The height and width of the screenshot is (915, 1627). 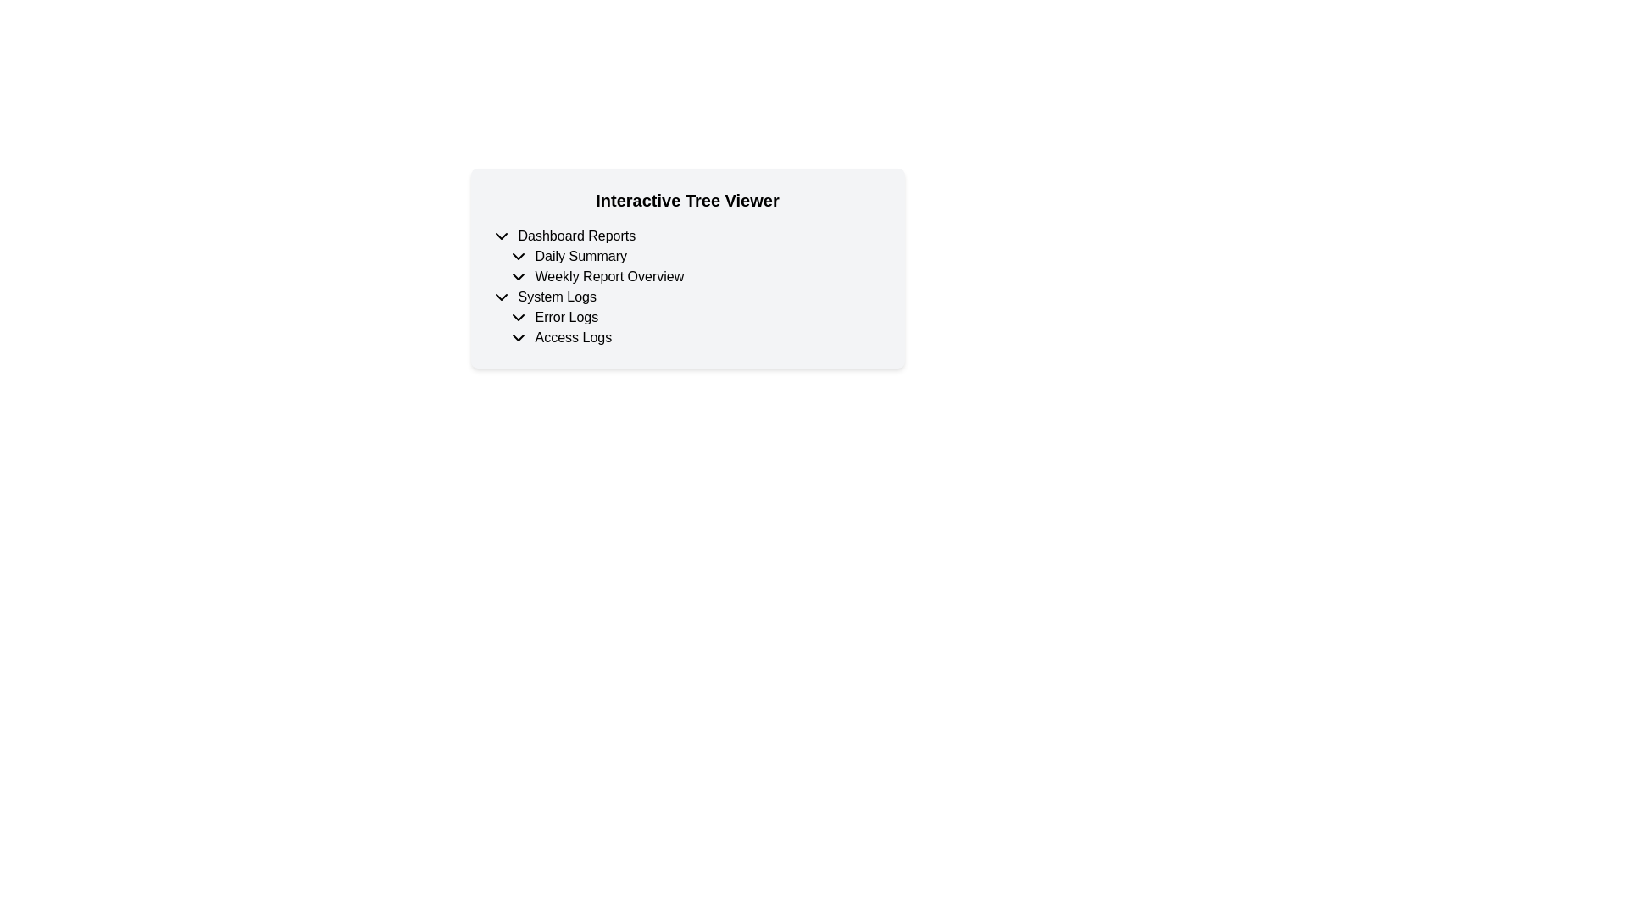 I want to click on the downward-pointing chevron icon located to the left of the 'System Logs' text, so click(x=500, y=297).